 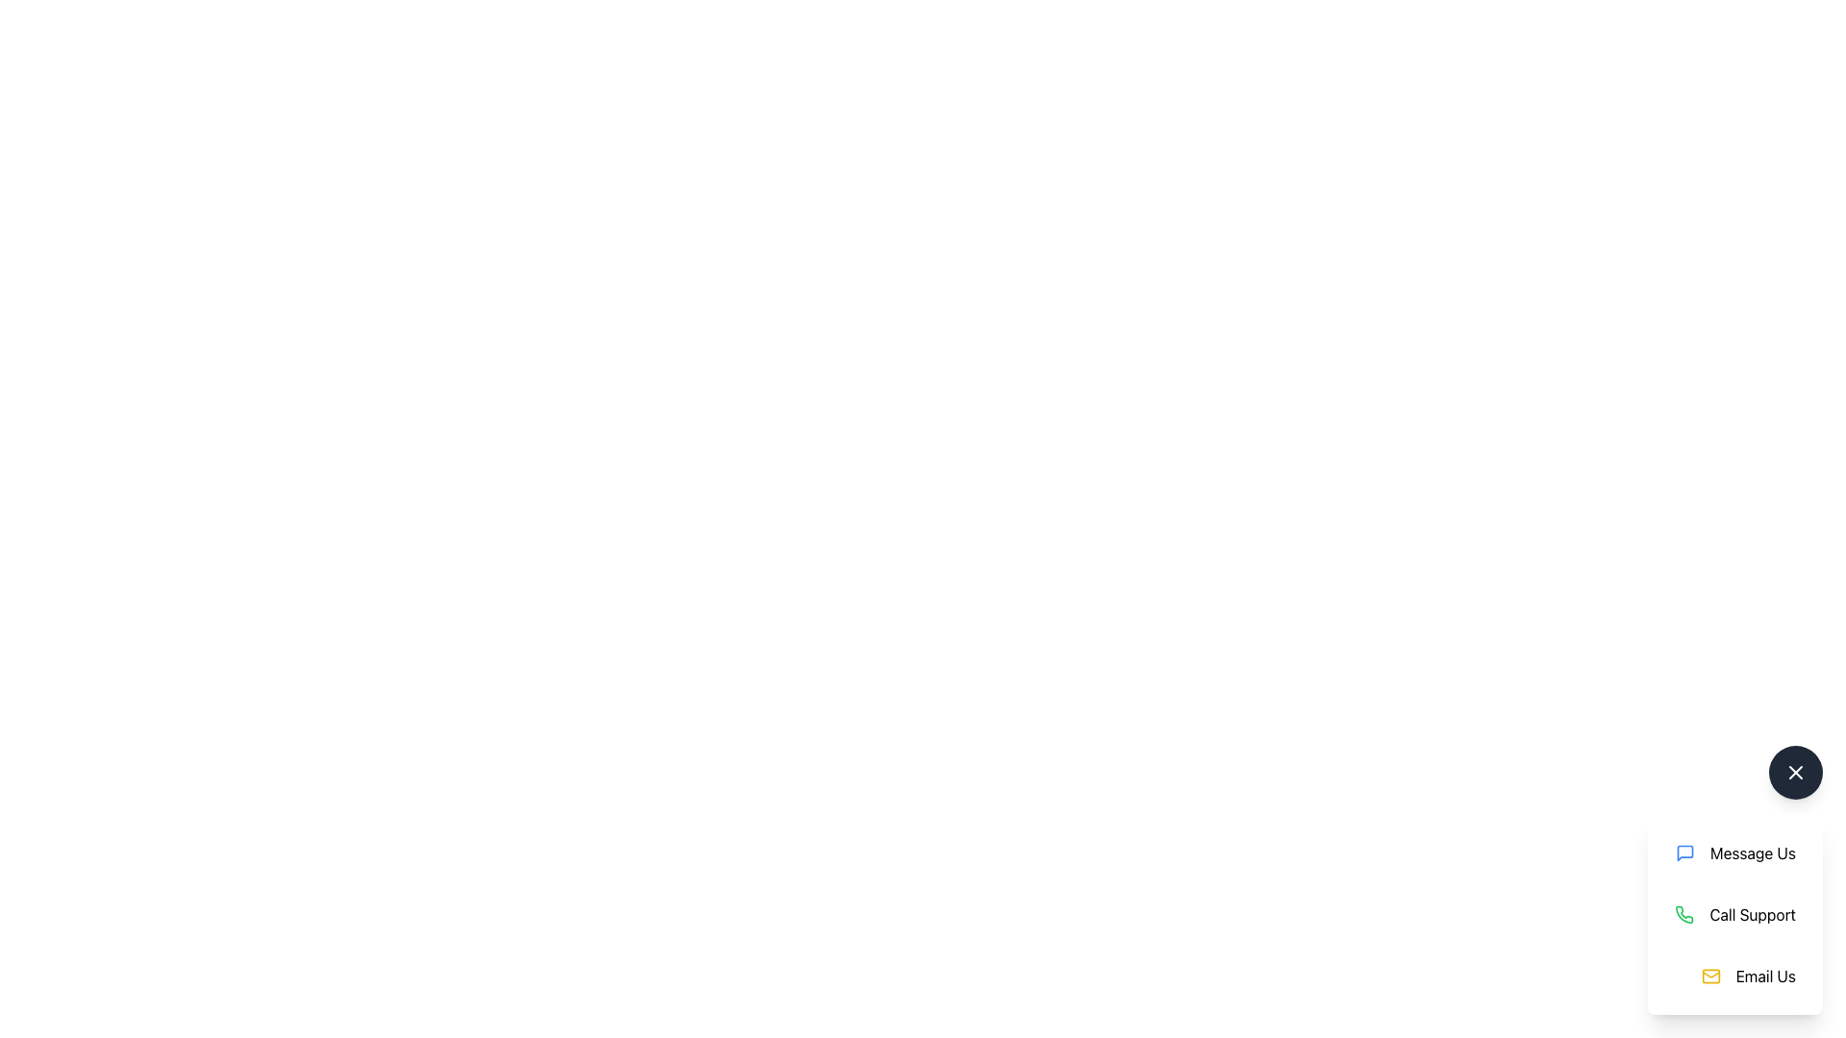 What do you see at coordinates (1794, 771) in the screenshot?
I see `the graphical icon represented by an 'X' shape` at bounding box center [1794, 771].